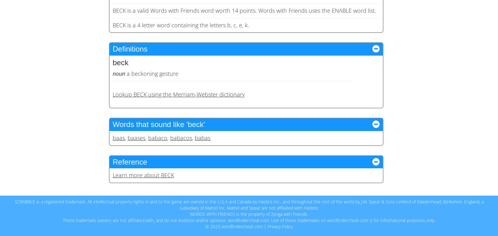 The height and width of the screenshot is (236, 498). I want to click on 'baas', so click(119, 137).